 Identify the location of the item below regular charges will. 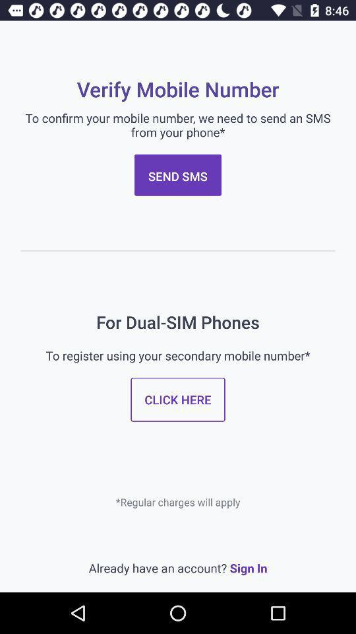
(178, 567).